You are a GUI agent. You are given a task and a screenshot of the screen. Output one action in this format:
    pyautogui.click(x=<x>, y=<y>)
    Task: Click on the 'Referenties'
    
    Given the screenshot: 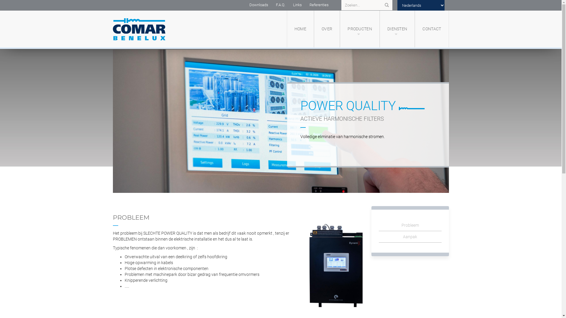 What is the action you would take?
    pyautogui.click(x=318, y=5)
    